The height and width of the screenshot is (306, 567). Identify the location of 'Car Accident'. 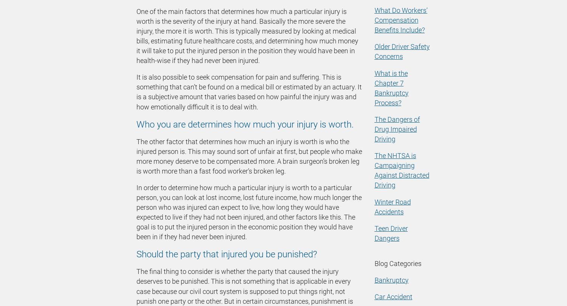
(393, 296).